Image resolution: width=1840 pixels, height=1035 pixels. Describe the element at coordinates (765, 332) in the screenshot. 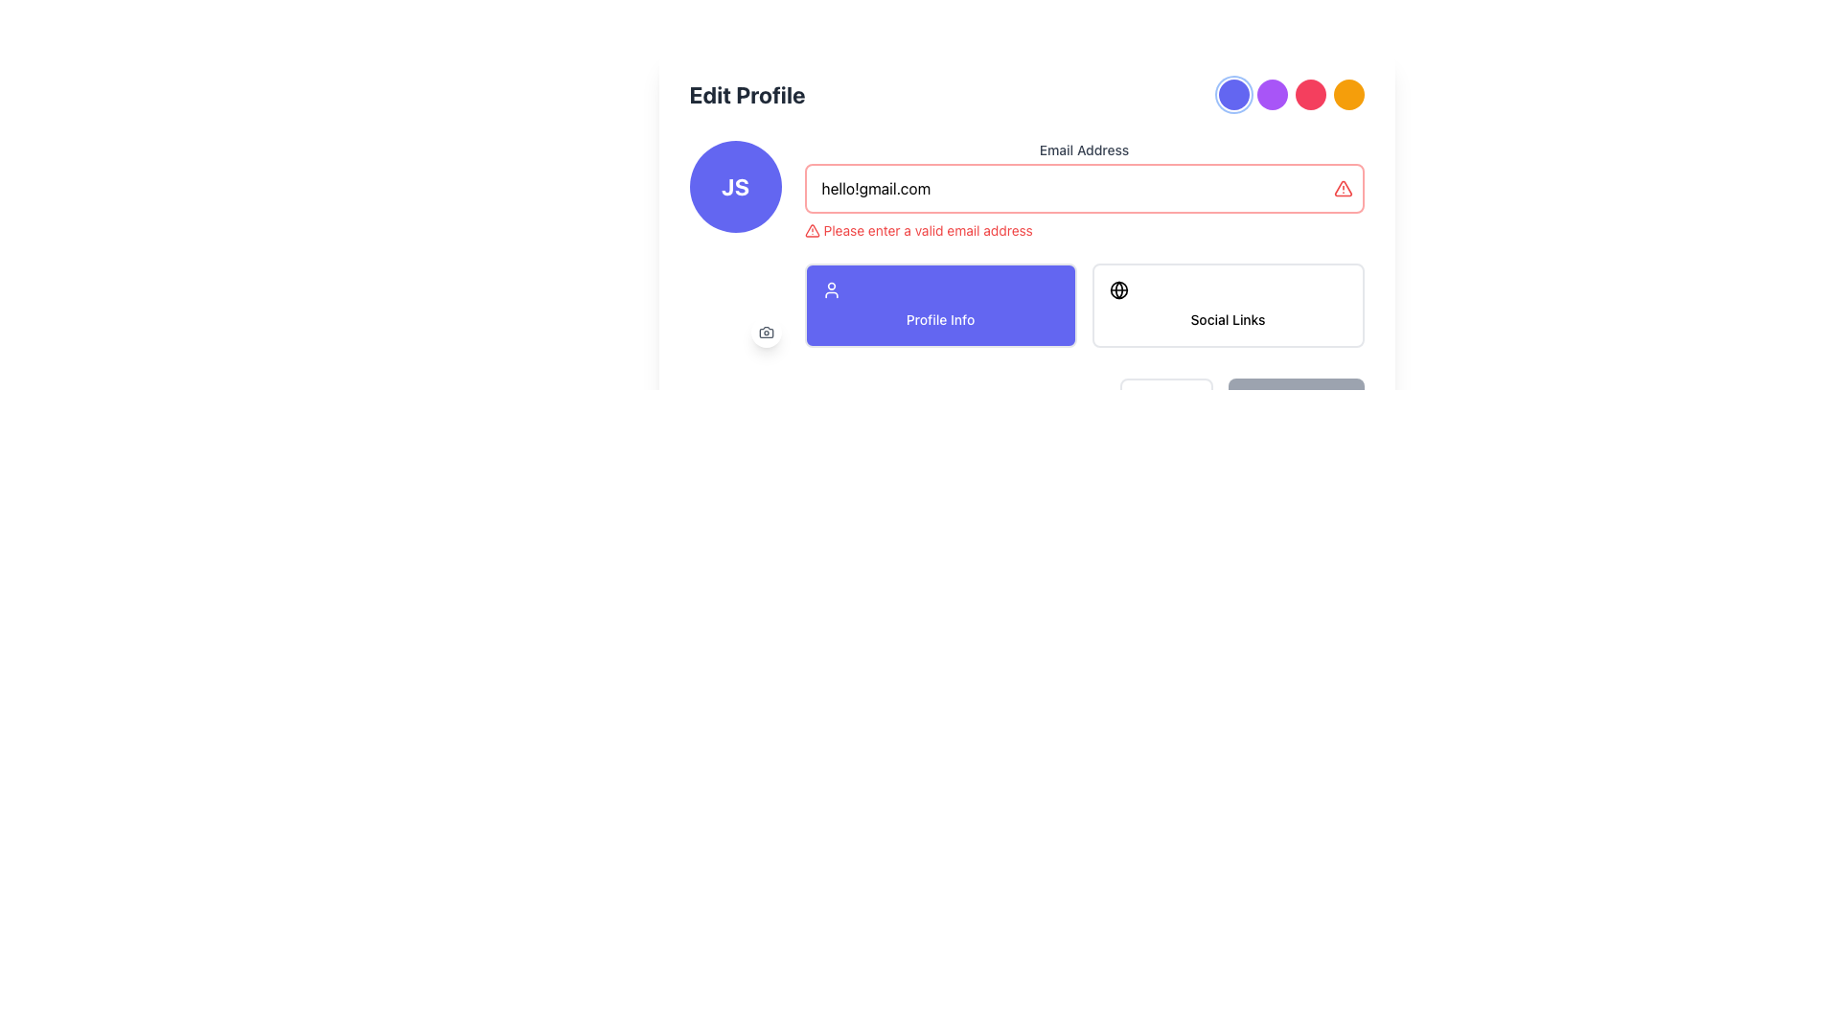

I see `the small circular button with a camera icon located at the bottom-right corner of the circular profile picture displaying the initials 'JS'` at that location.